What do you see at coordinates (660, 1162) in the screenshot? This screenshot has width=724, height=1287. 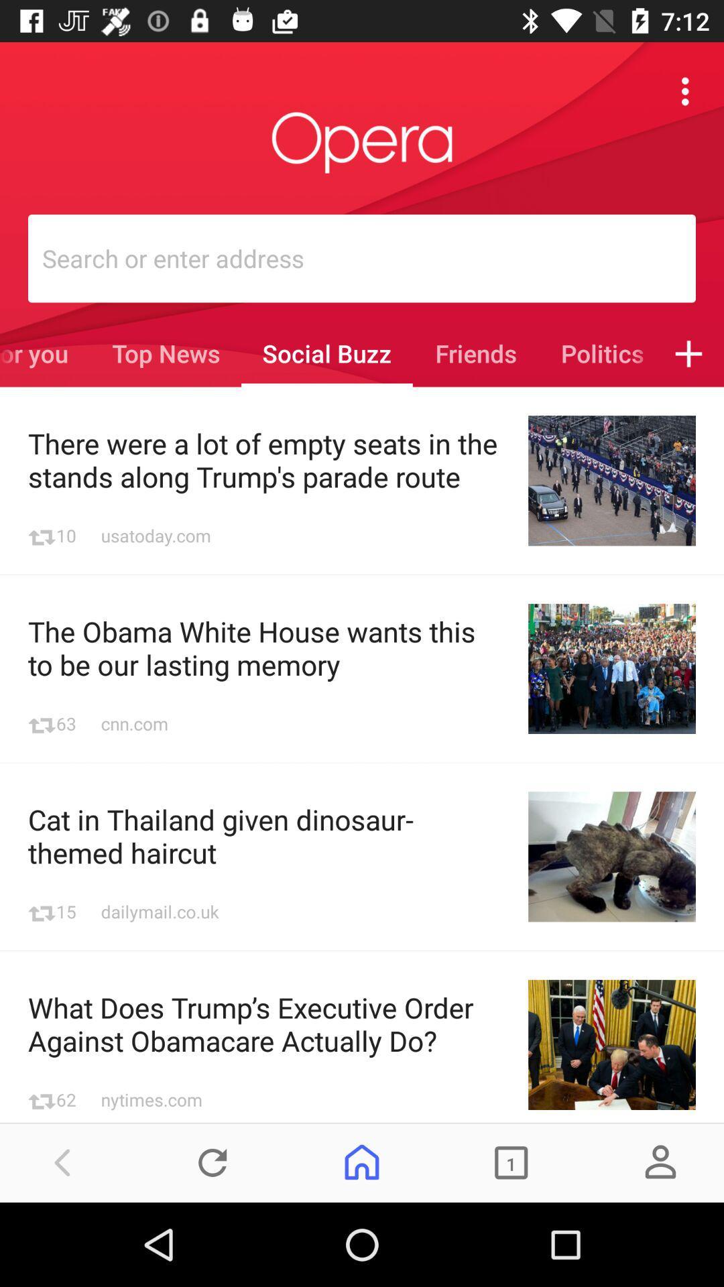 I see `the avatar icon` at bounding box center [660, 1162].